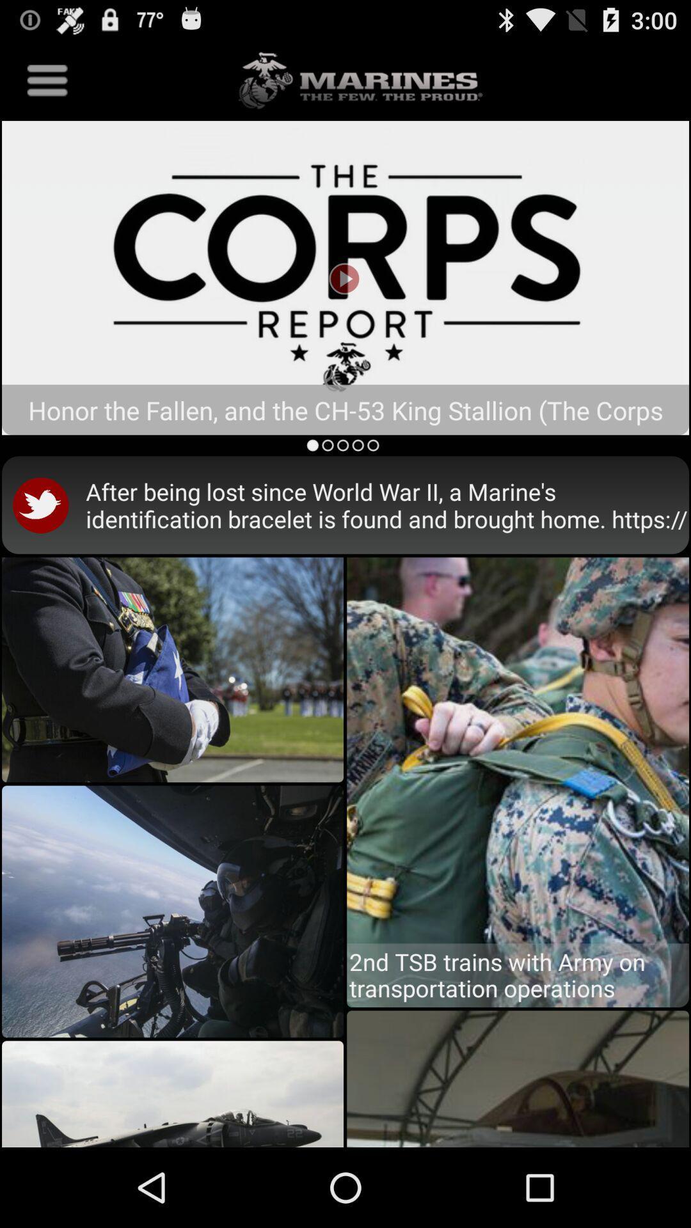 The height and width of the screenshot is (1228, 691). I want to click on the video, so click(345, 277).